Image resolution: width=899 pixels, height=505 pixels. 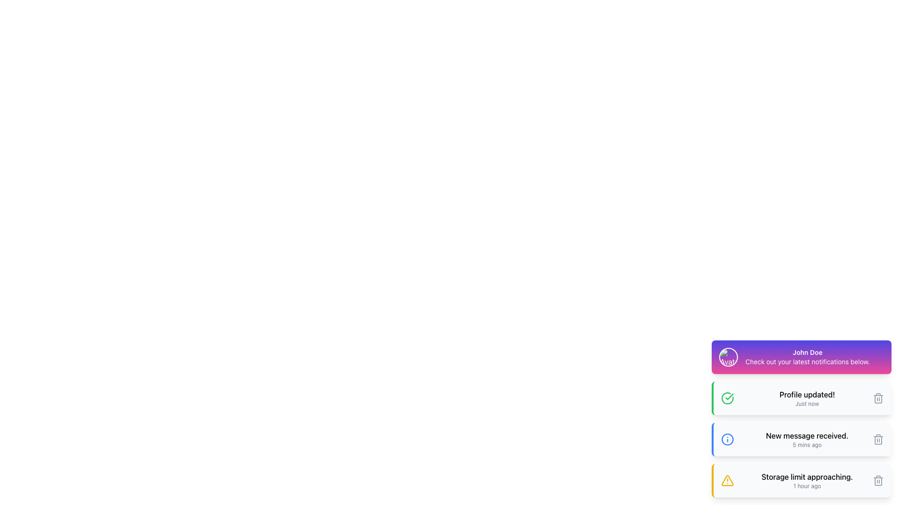 What do you see at coordinates (806, 398) in the screenshot?
I see `the Text Component displaying 'Profile updated!' in bold black font, located in the notifications section beneath the header 'John Doe'` at bounding box center [806, 398].